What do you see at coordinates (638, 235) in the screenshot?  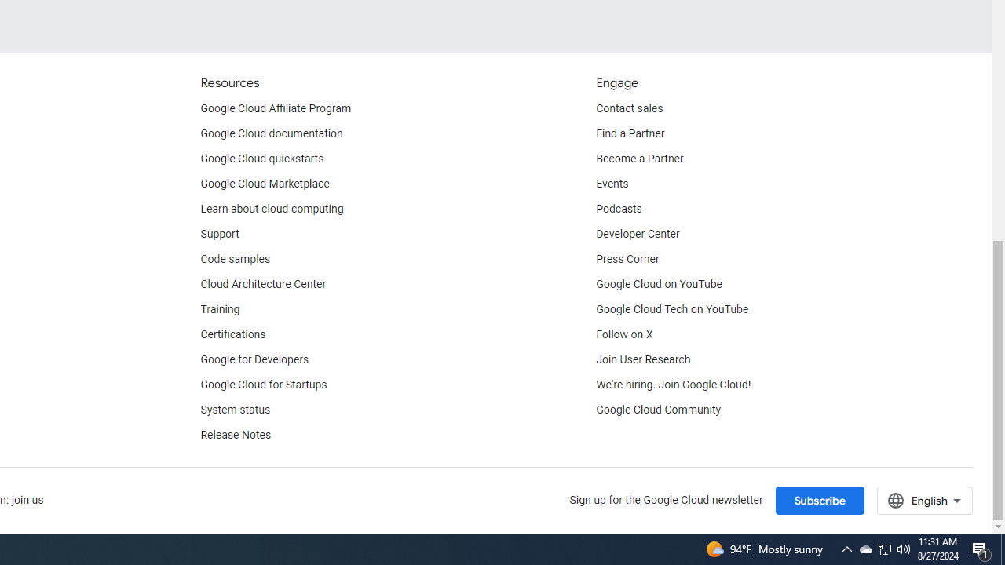 I see `'Developer Center'` at bounding box center [638, 235].